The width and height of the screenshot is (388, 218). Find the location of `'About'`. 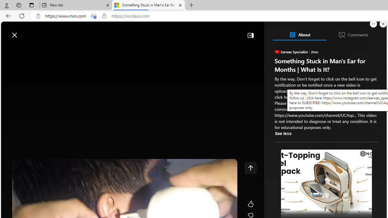

'About' is located at coordinates (299, 35).